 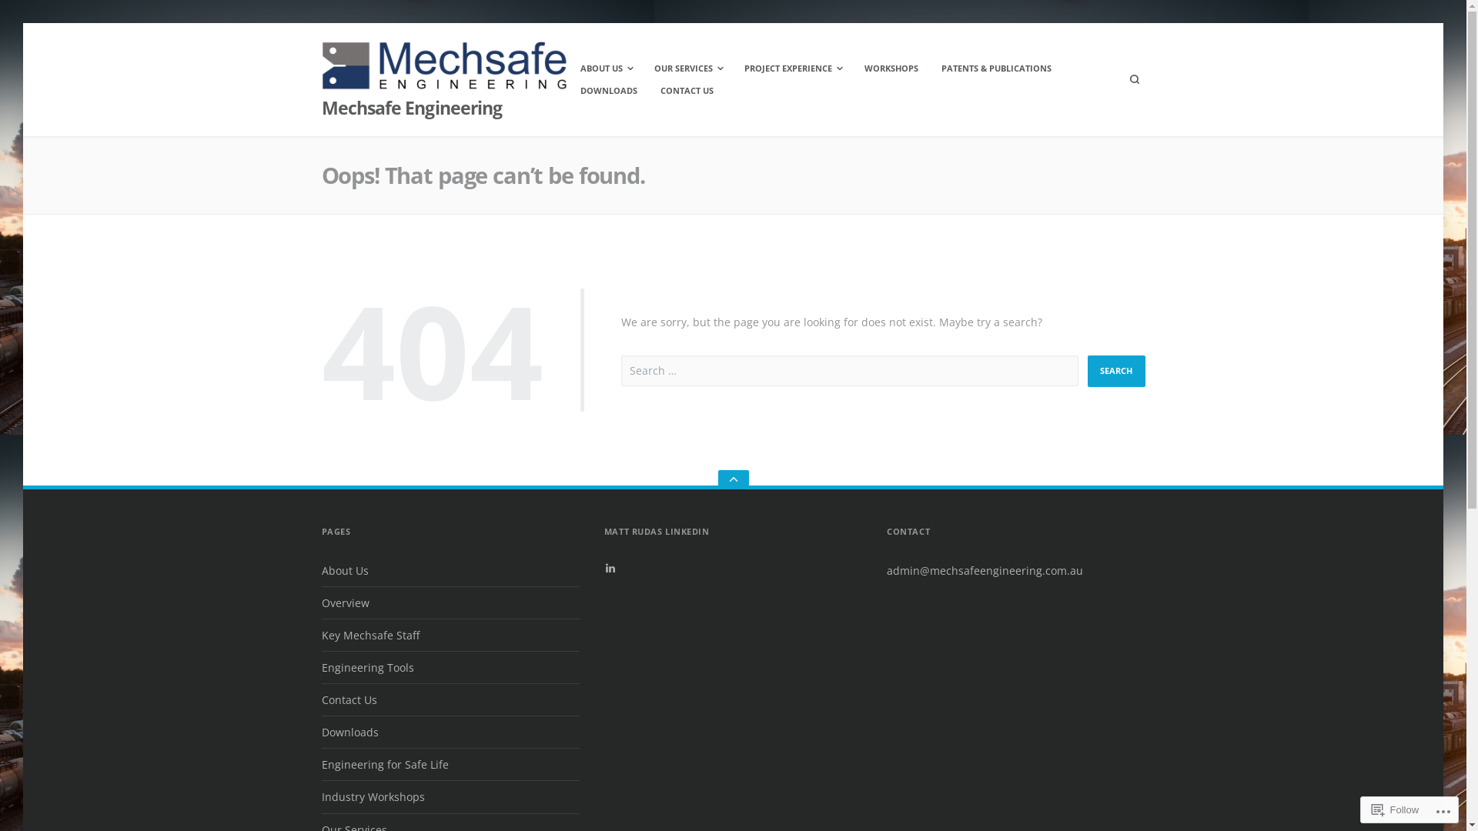 I want to click on 'Industry Workshops', so click(x=373, y=796).